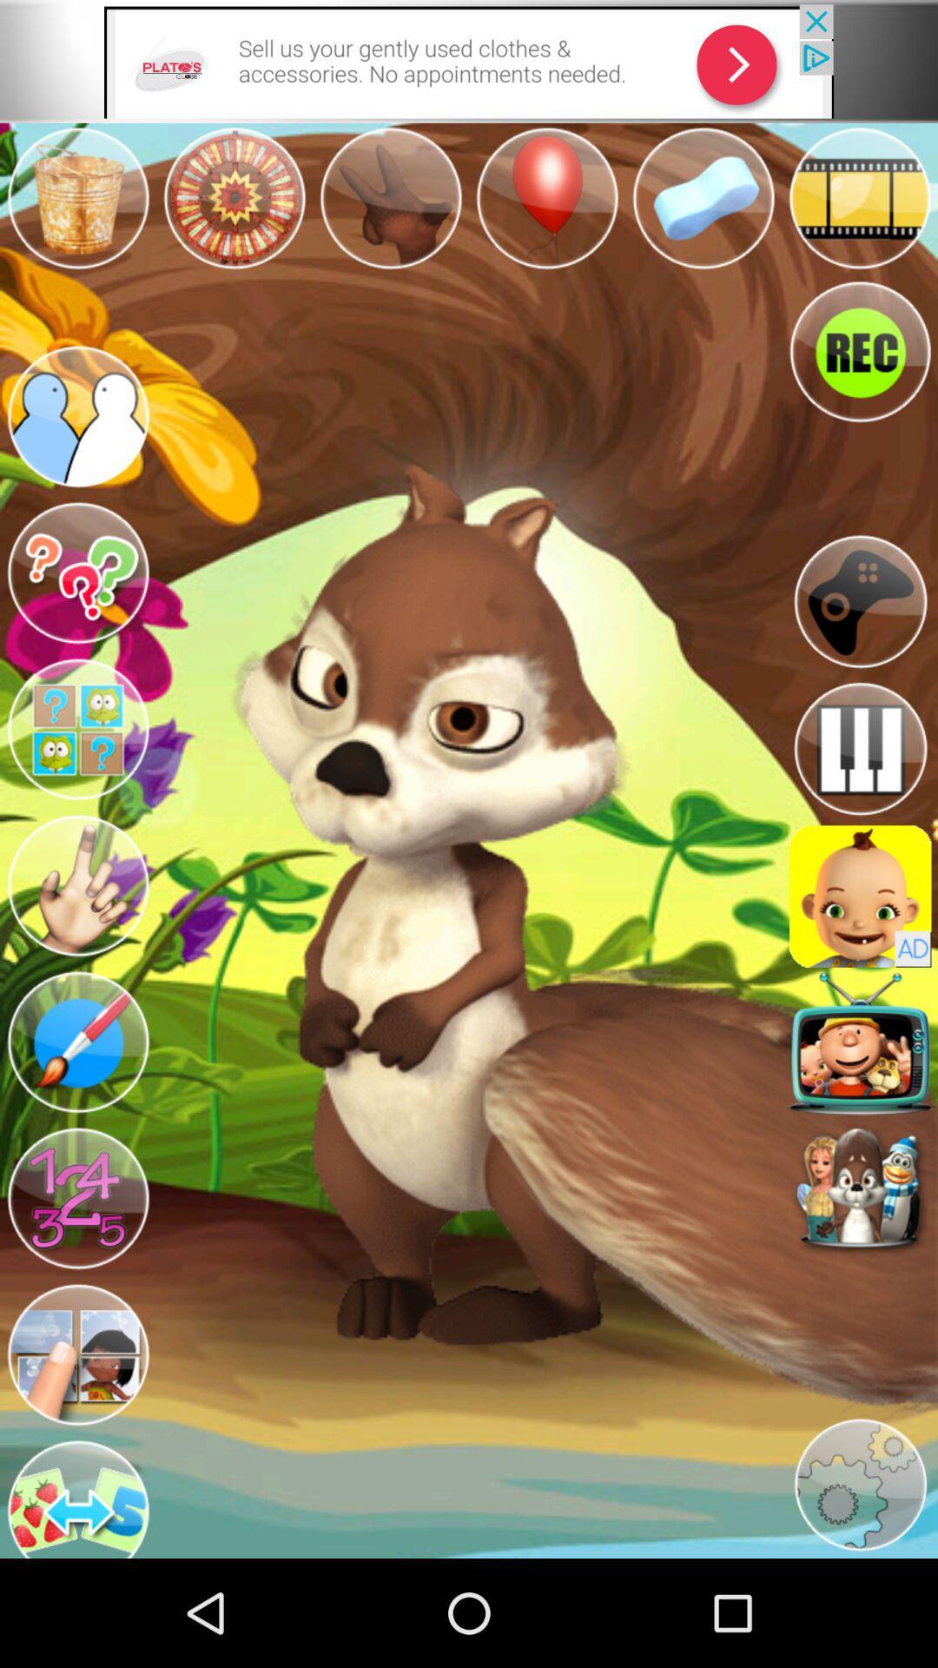 This screenshot has height=1668, width=938. What do you see at coordinates (76, 1115) in the screenshot?
I see `the edit icon` at bounding box center [76, 1115].